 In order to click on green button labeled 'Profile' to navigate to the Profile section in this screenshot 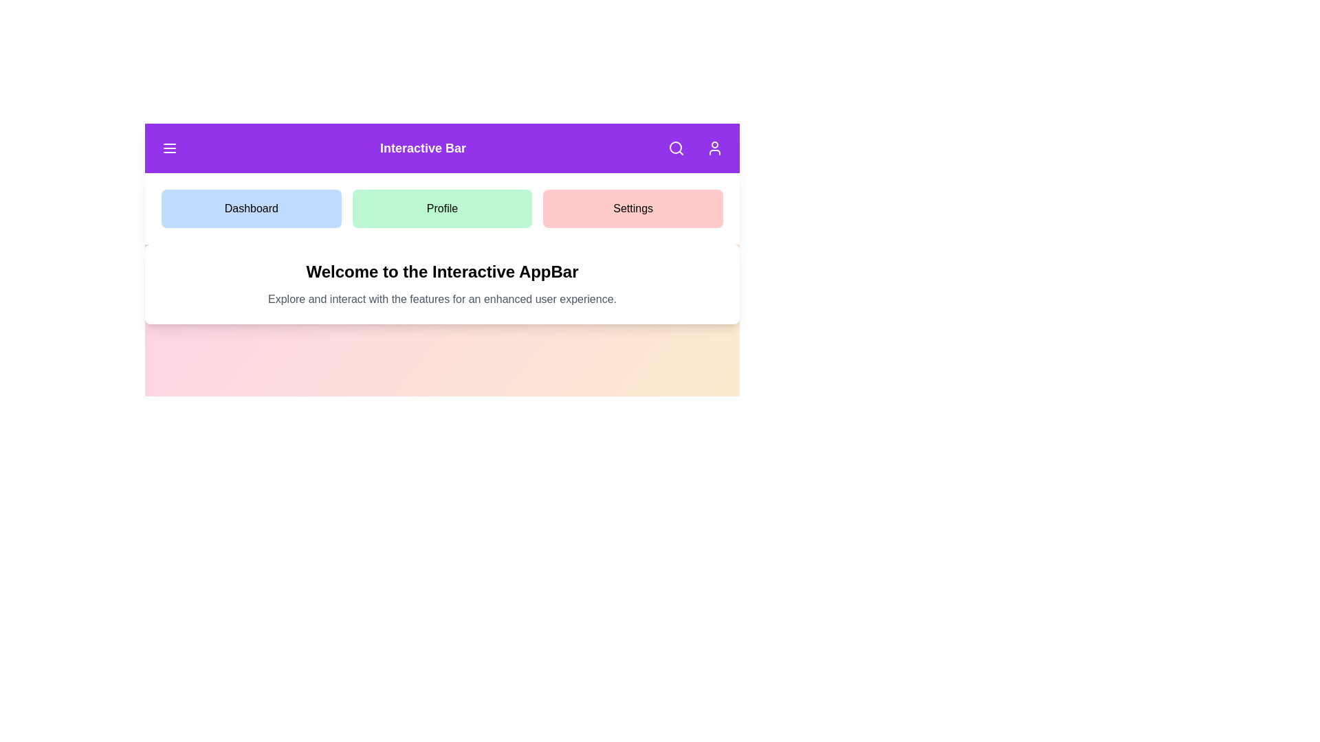, I will do `click(442, 209)`.